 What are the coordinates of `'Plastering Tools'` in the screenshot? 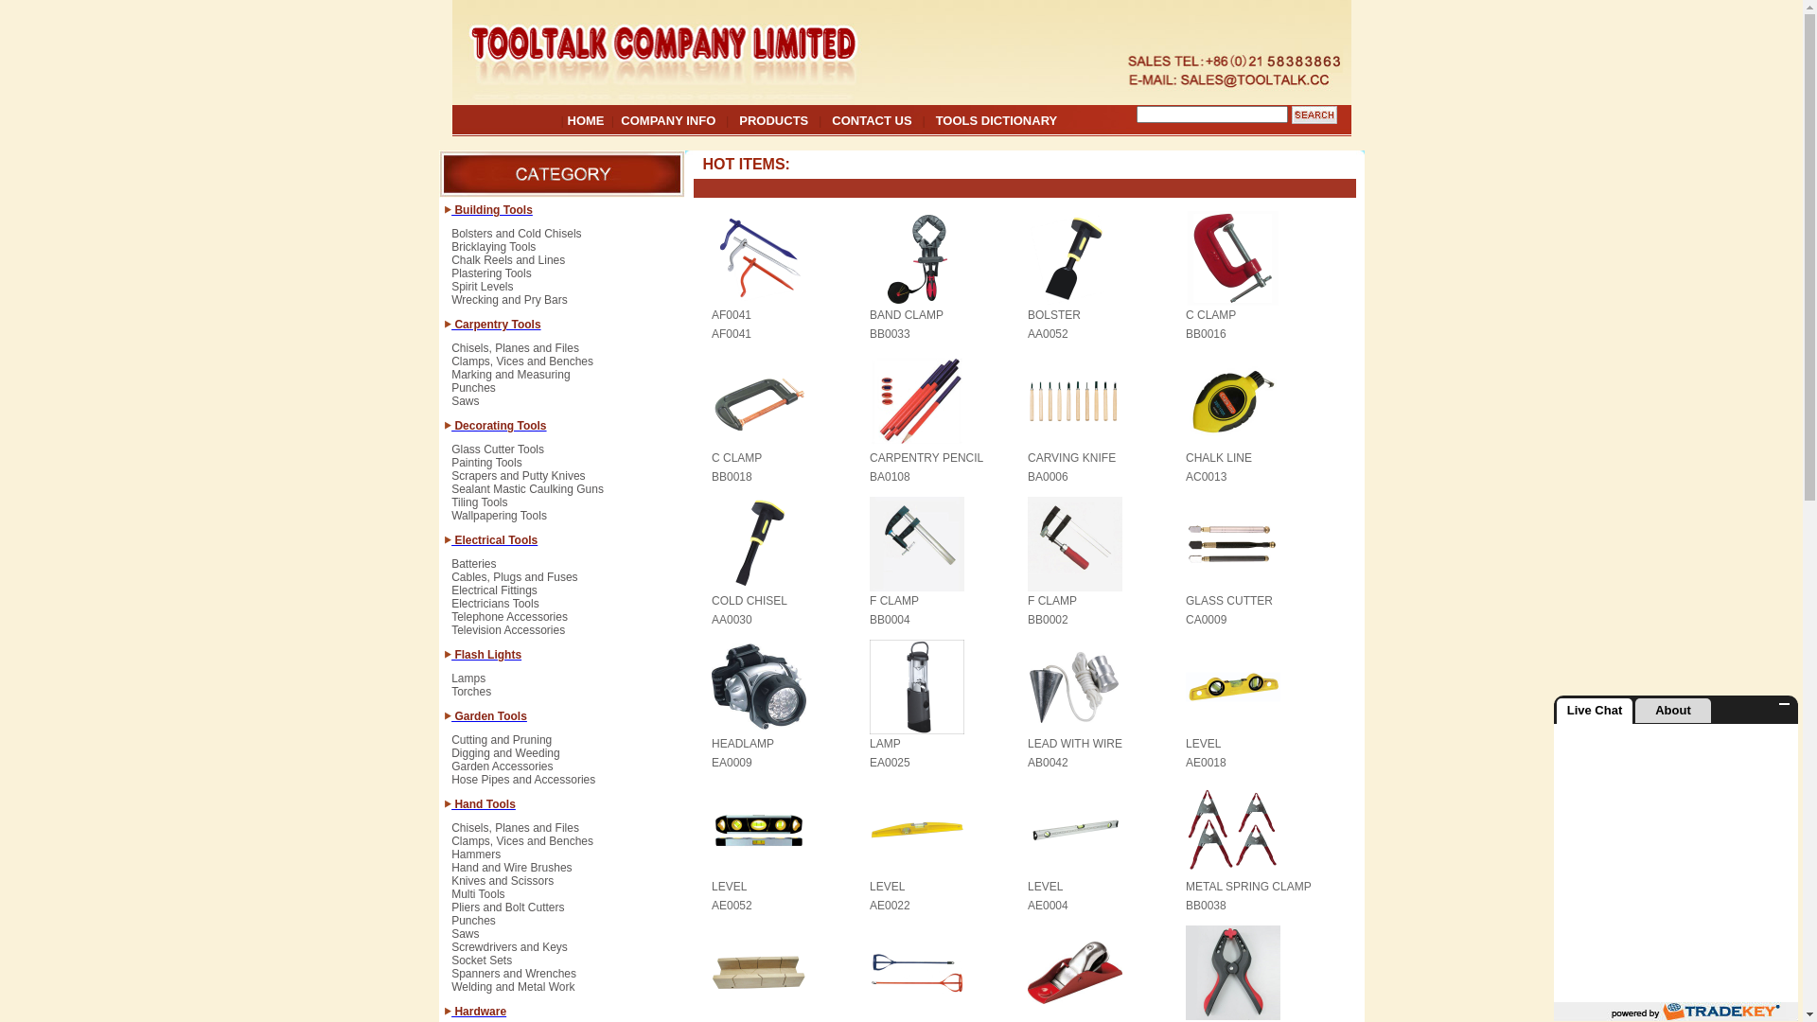 It's located at (491, 280).